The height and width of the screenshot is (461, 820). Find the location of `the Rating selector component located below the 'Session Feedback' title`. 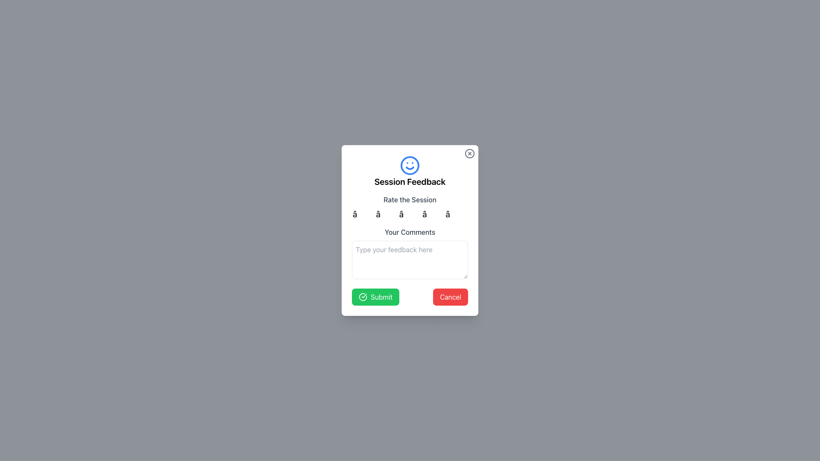

the Rating selector component located below the 'Session Feedback' title is located at coordinates (410, 207).